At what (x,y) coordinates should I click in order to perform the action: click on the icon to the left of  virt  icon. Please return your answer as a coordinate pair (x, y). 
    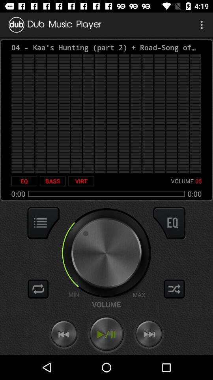
    Looking at the image, I should click on (52, 181).